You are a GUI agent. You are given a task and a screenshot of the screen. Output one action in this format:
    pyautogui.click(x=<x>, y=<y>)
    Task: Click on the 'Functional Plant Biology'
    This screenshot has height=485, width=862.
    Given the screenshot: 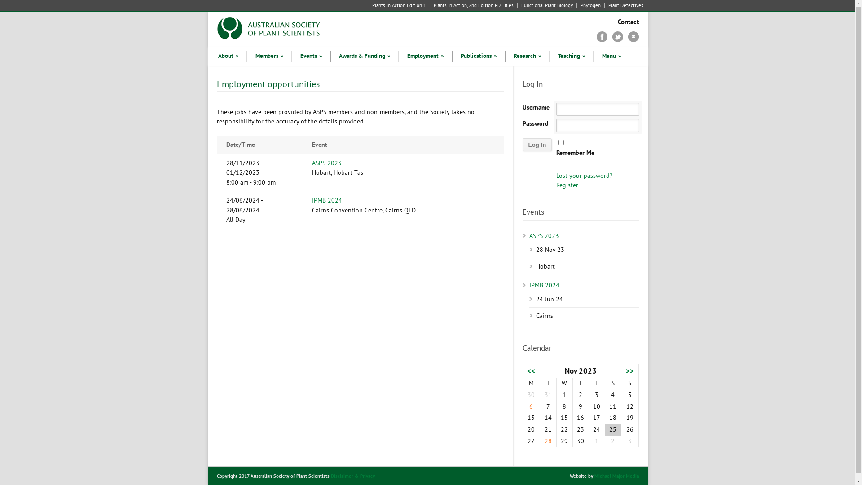 What is the action you would take?
    pyautogui.click(x=546, y=5)
    